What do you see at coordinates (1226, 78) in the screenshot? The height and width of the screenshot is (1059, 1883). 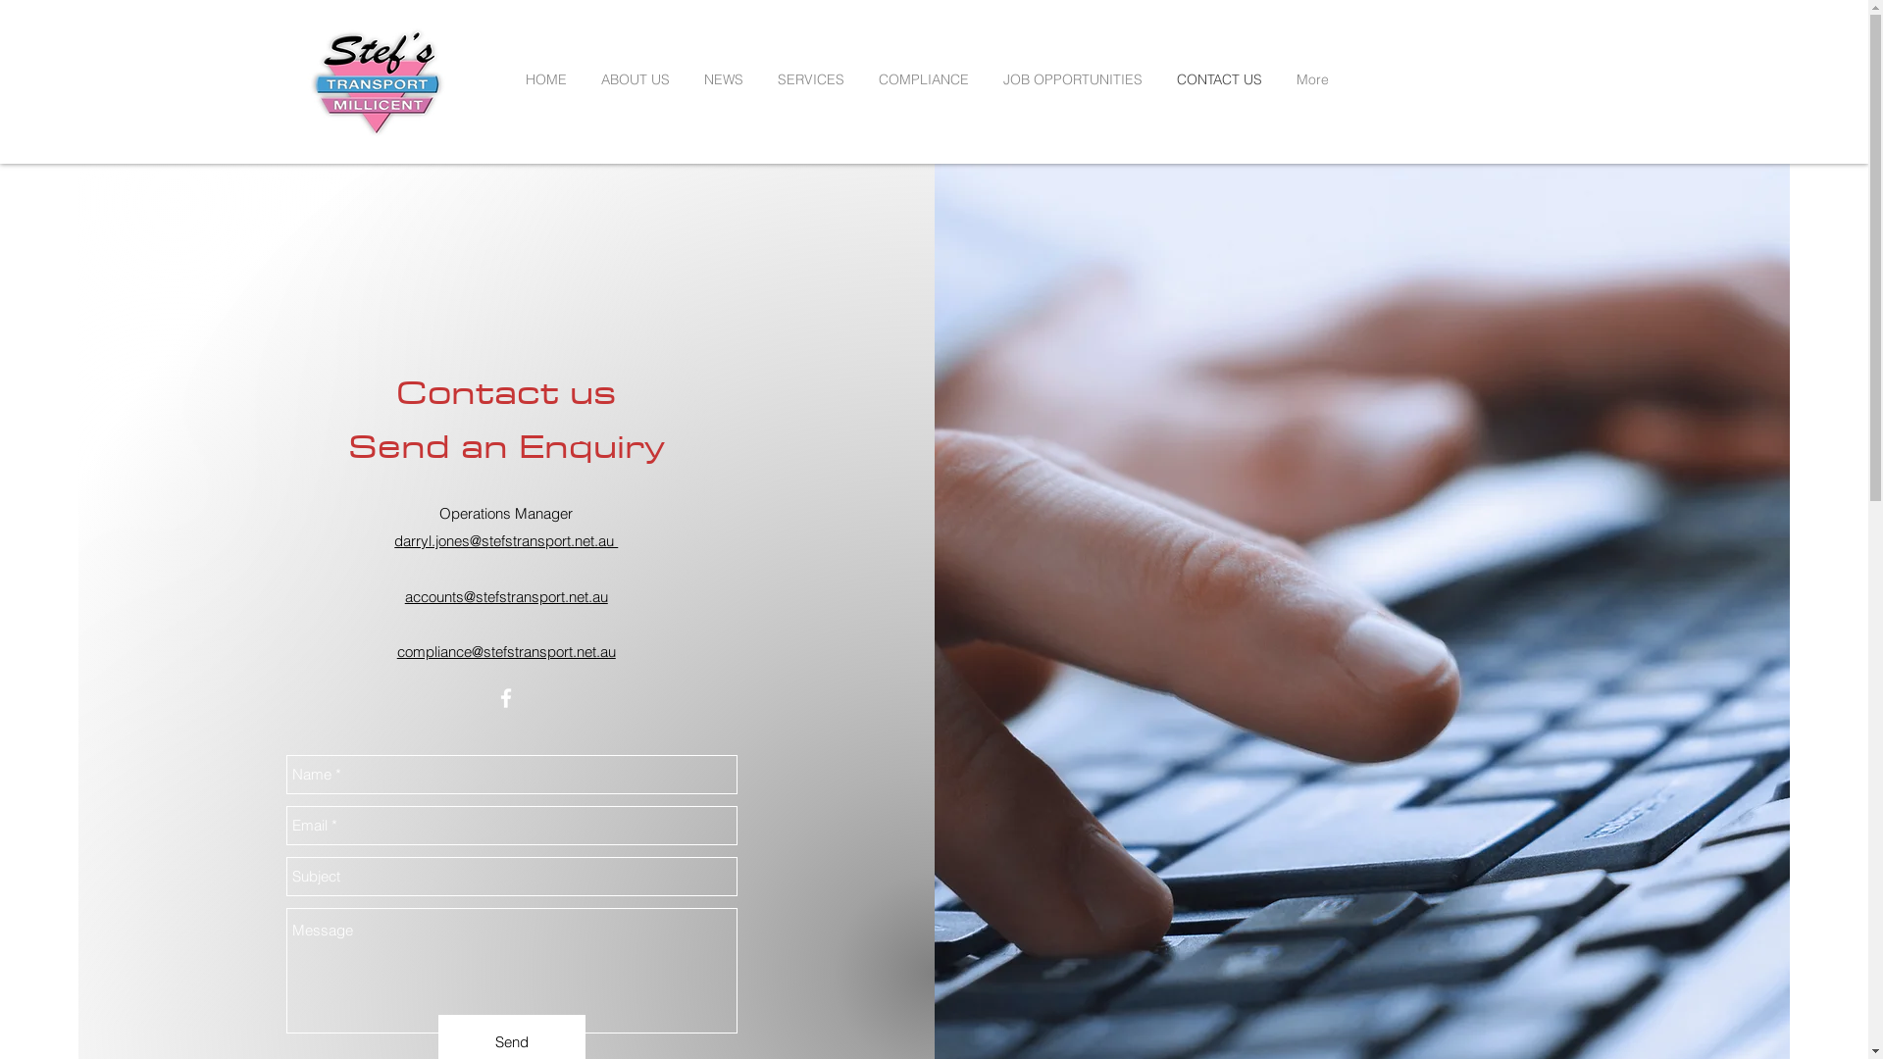 I see `'CONTACT US'` at bounding box center [1226, 78].